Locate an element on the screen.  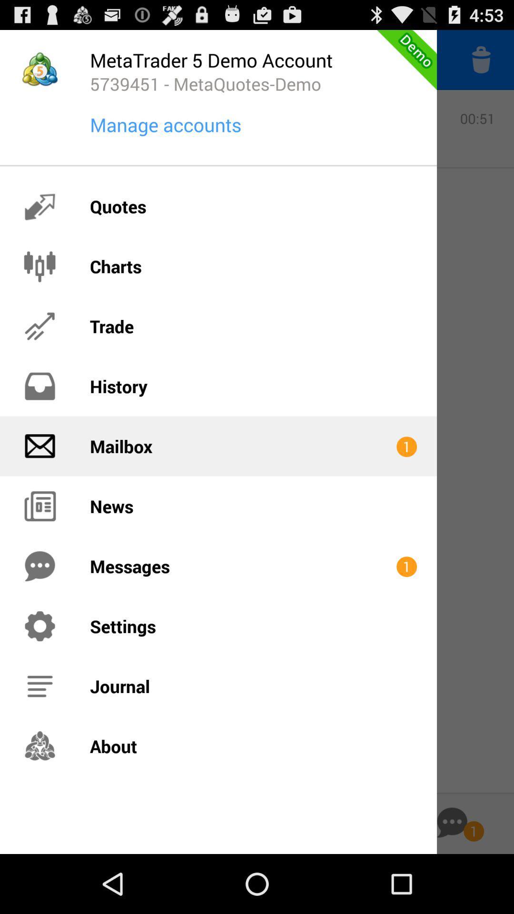
the chat icon is located at coordinates (452, 880).